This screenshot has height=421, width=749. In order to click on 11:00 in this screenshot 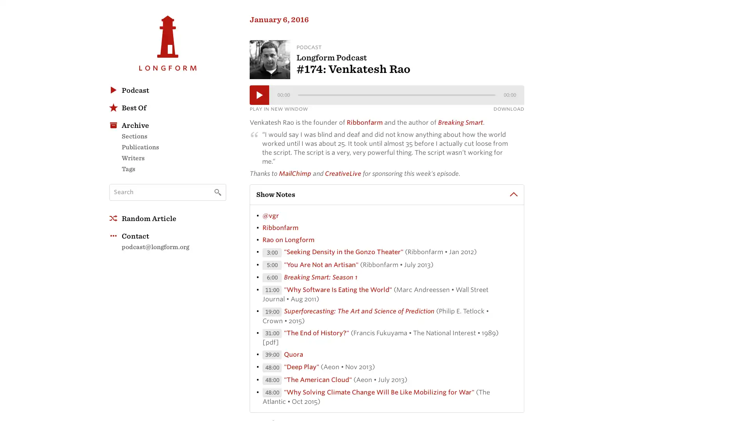, I will do `click(272, 292)`.